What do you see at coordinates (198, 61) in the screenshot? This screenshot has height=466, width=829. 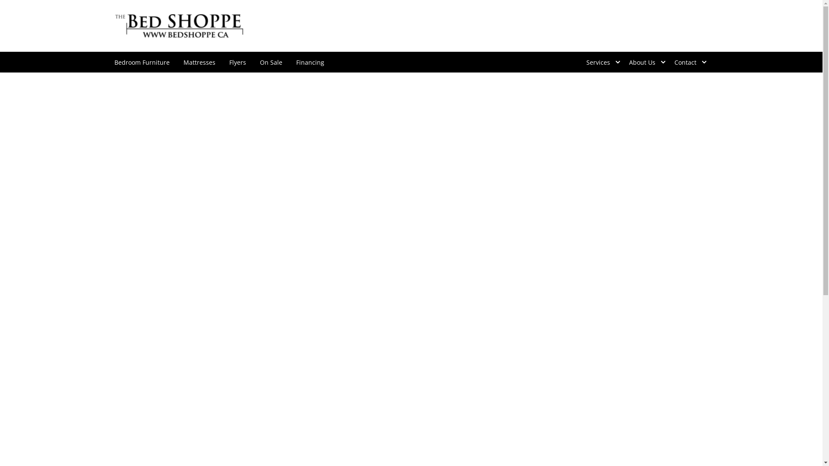 I see `'Mattresses'` at bounding box center [198, 61].